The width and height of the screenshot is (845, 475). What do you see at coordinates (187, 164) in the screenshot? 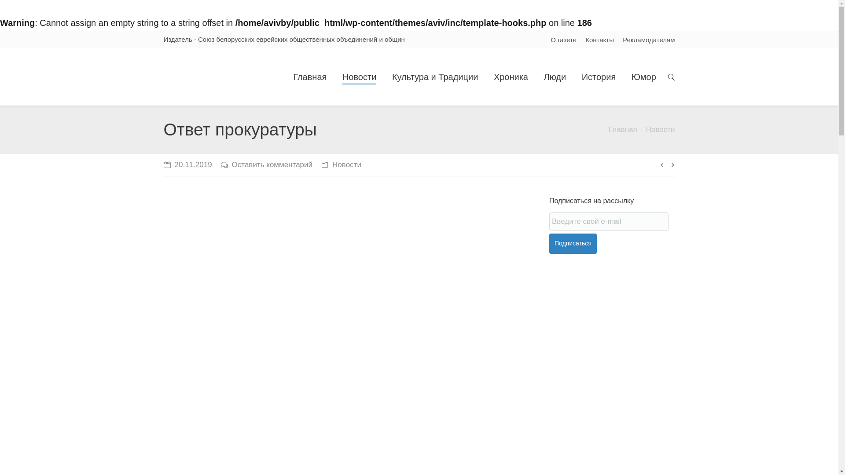
I see `'20.11.2019'` at bounding box center [187, 164].